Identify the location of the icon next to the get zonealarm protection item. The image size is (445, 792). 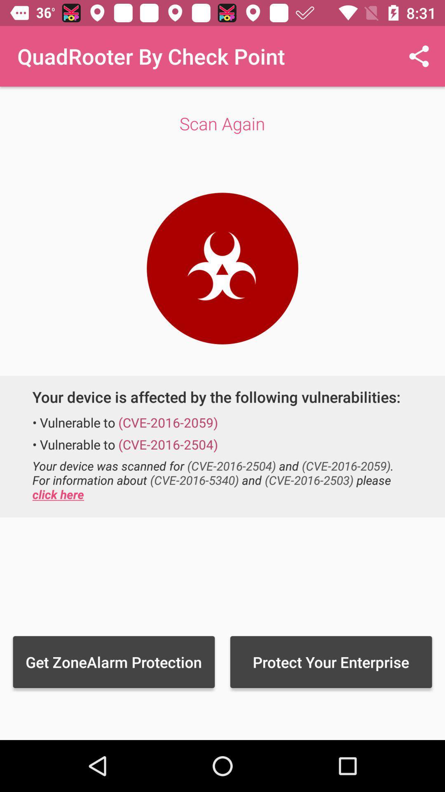
(330, 662).